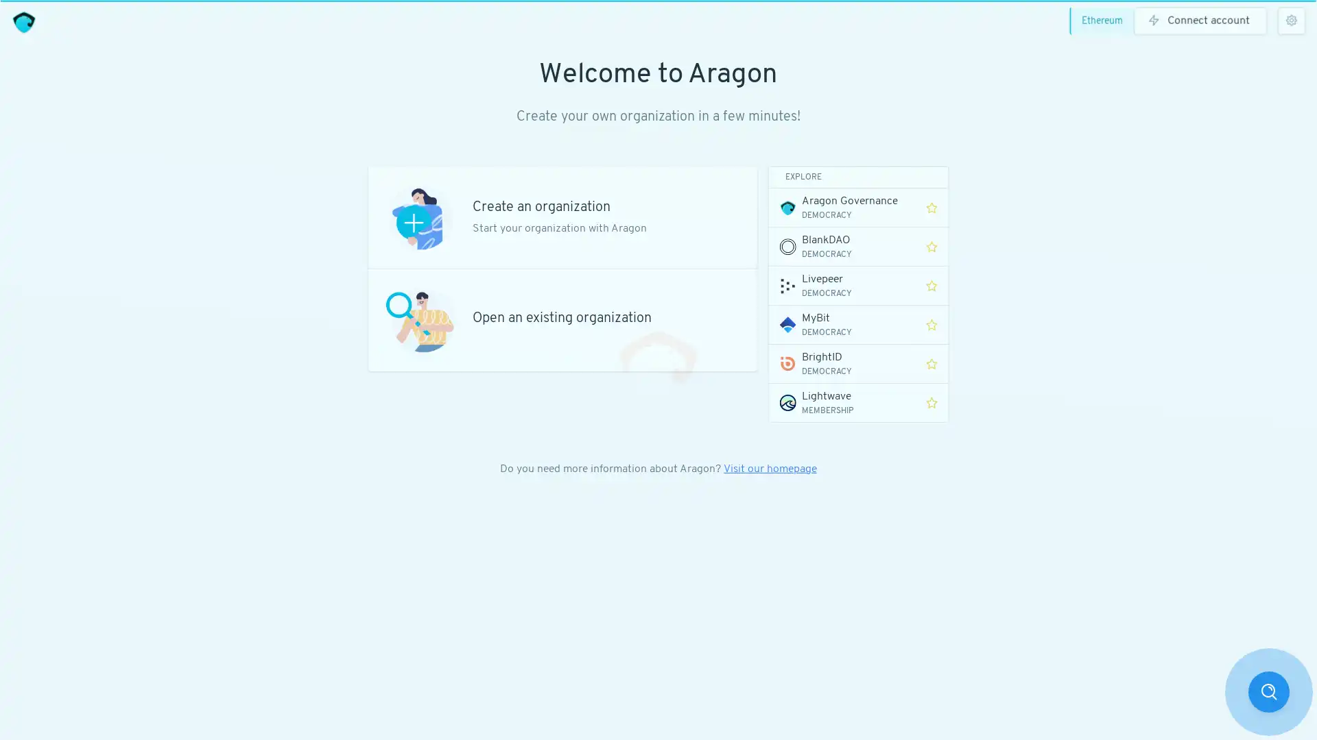 The height and width of the screenshot is (740, 1317). I want to click on Lightwave MEMBERSHIP, so click(842, 402).